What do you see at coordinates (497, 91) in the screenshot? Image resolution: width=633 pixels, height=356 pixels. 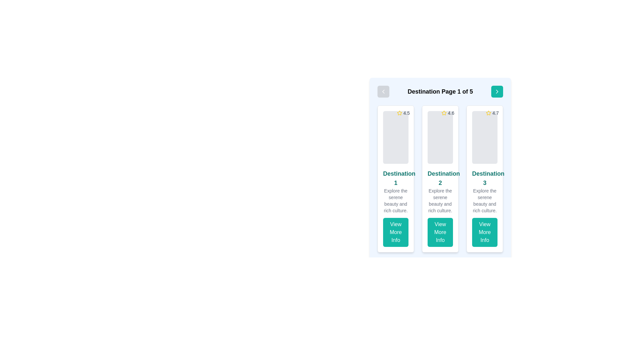 I see `the right-facing chevron arrow icon located at the top-right corner of the interface, which is part of the button near the navigation label 'Destination Page 1 of 5'` at bounding box center [497, 91].